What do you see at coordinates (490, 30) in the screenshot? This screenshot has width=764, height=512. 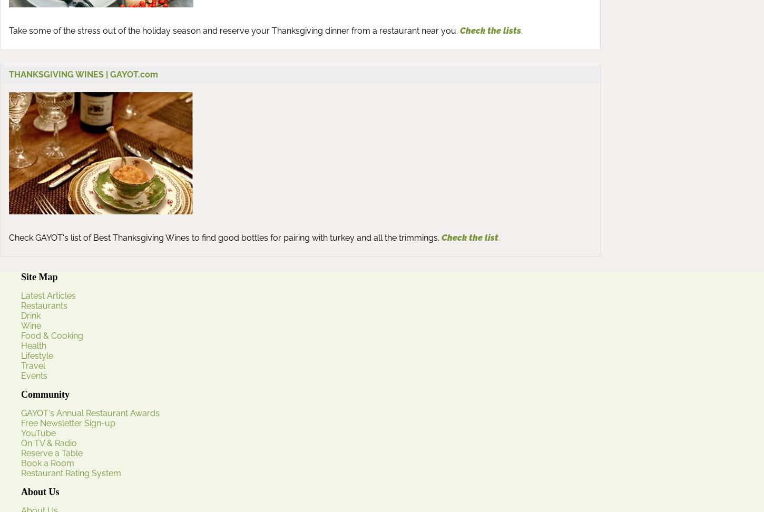 I see `'Check the lists'` at bounding box center [490, 30].